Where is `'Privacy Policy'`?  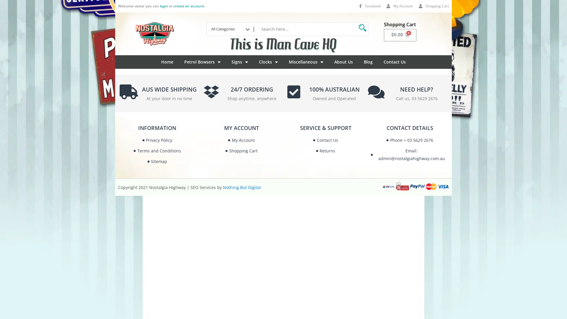
'Privacy Policy' is located at coordinates (157, 140).